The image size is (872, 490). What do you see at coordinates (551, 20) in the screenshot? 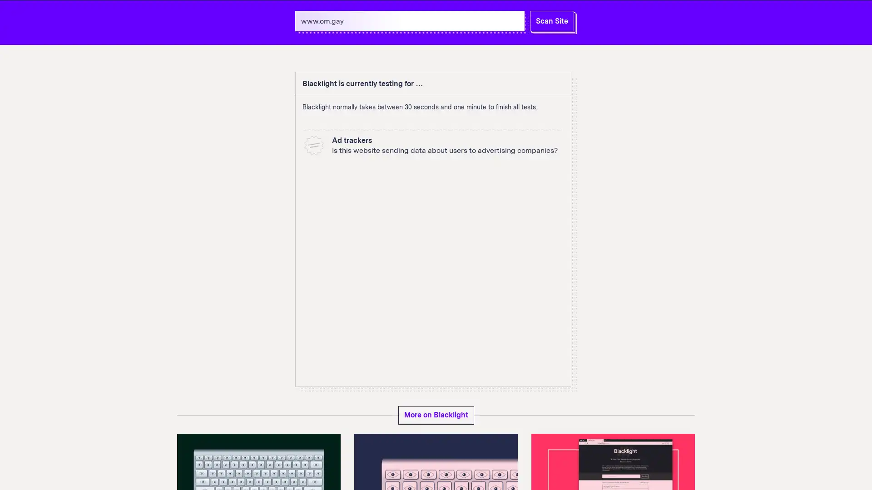
I see `Scan Site` at bounding box center [551, 20].